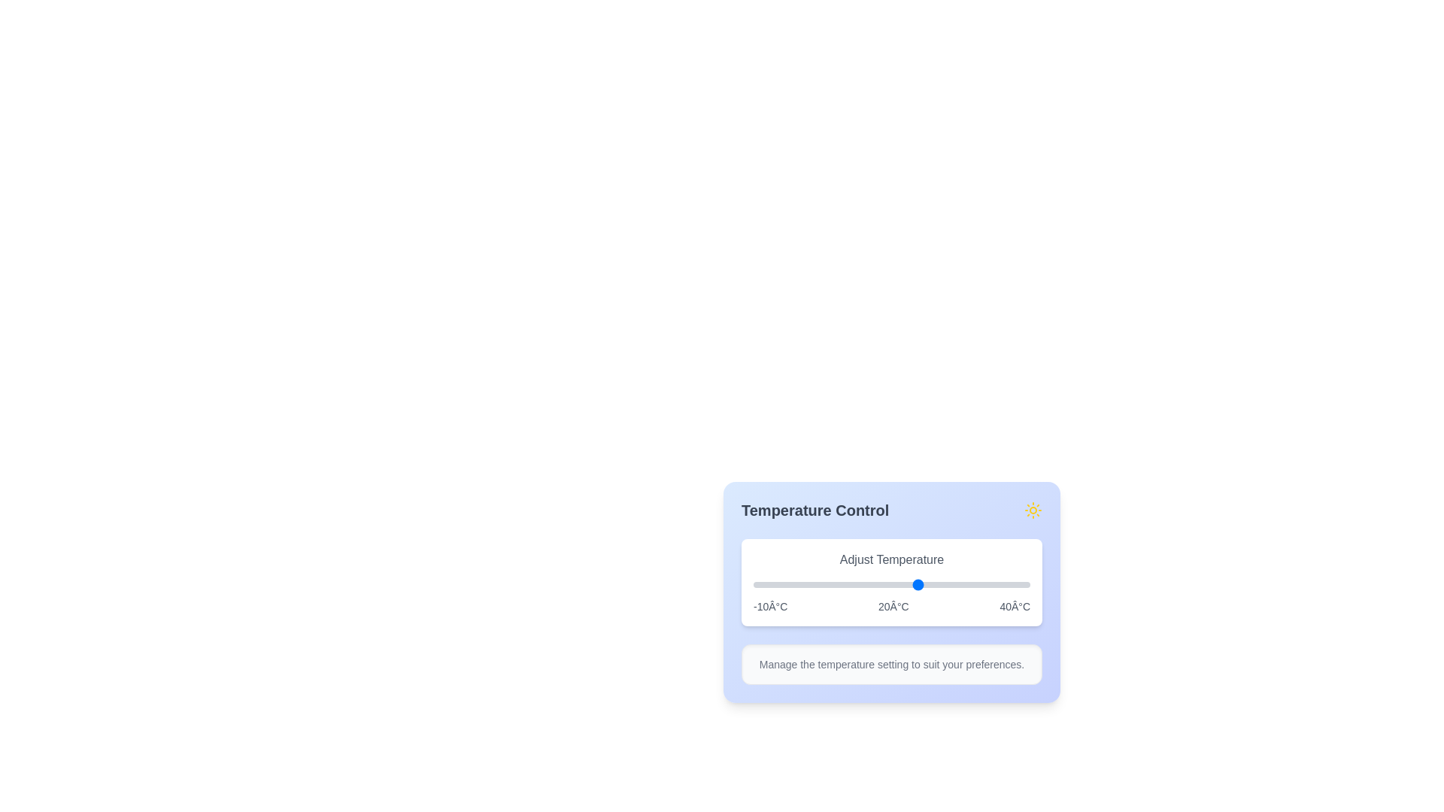 The image size is (1444, 812). I want to click on the temperature slider to set the temperature to 20°C, so click(918, 584).